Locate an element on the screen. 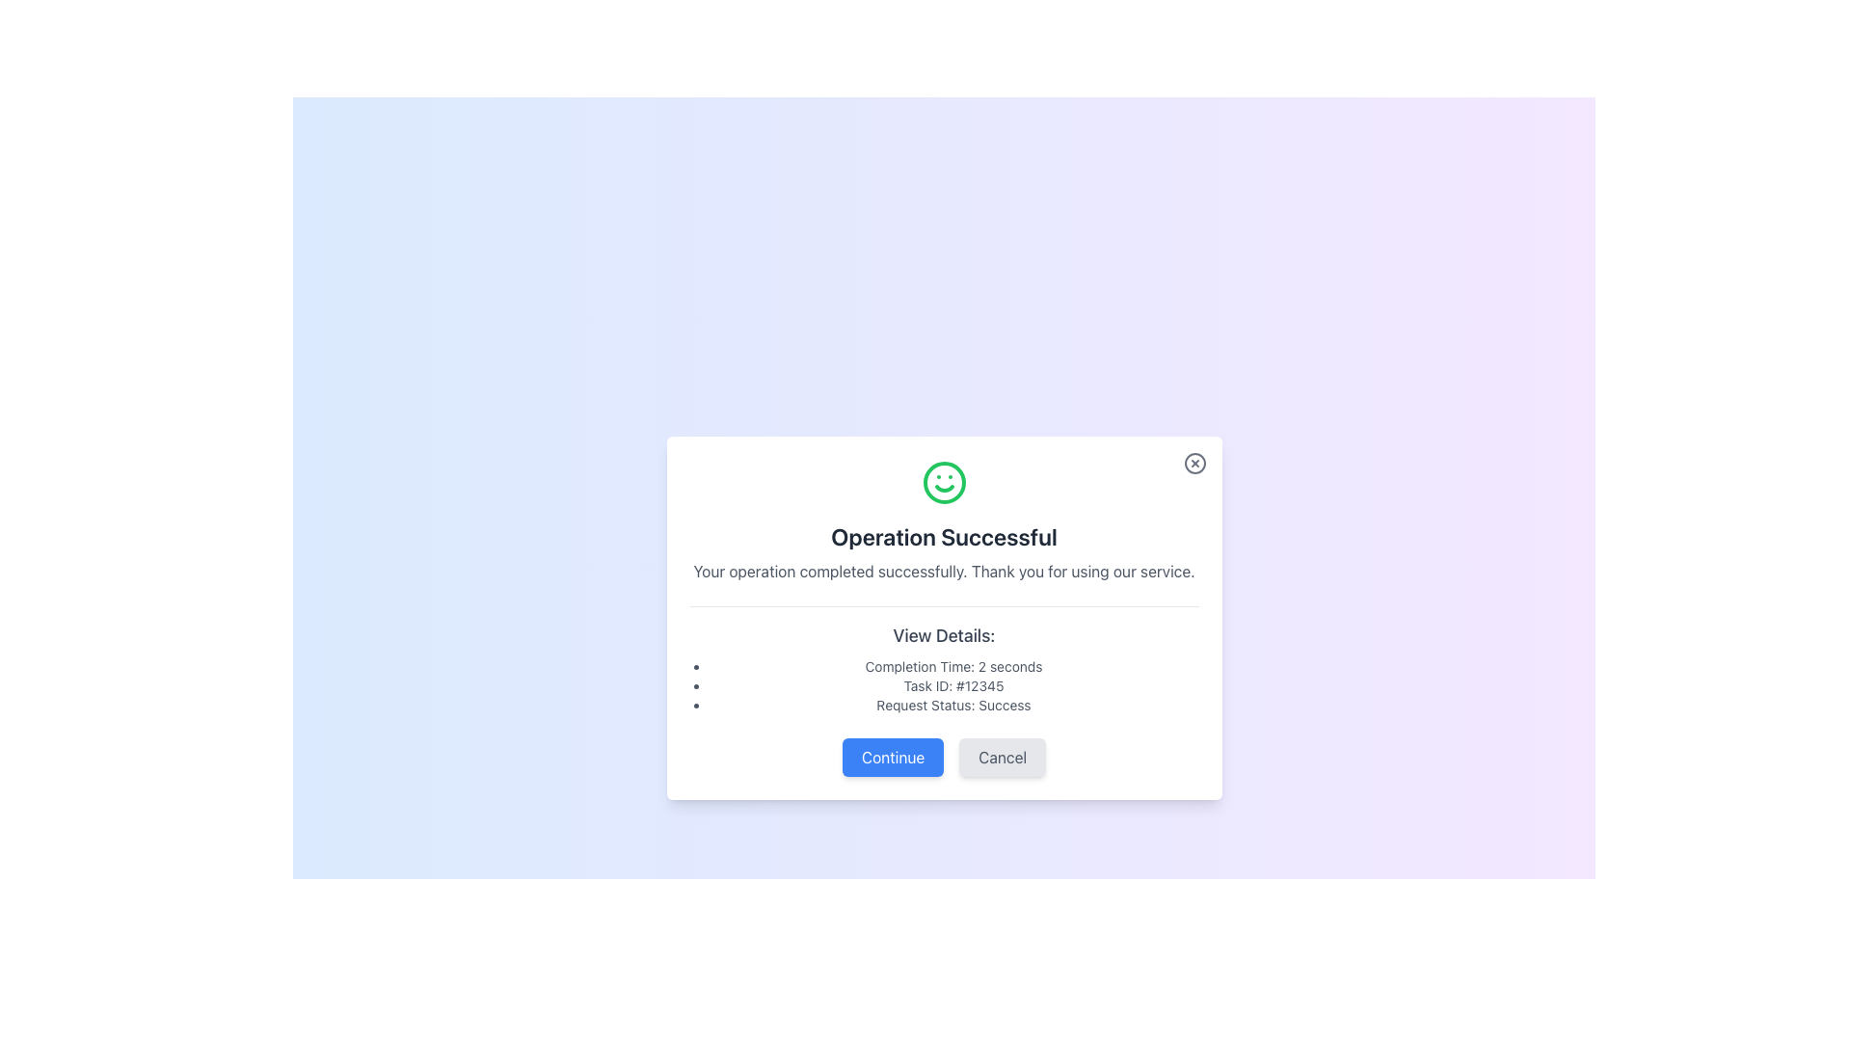  the text label displaying 'View Details:' which is styled in bold dark gray and located at the center of the dialog box, above a bulleted list is located at coordinates (944, 635).